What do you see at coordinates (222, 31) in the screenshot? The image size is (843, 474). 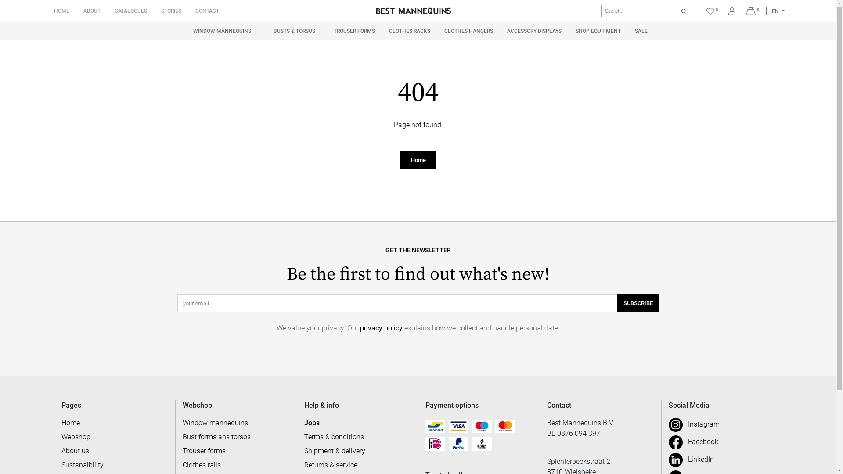 I see `'WINDOW MANNEQUINS'` at bounding box center [222, 31].